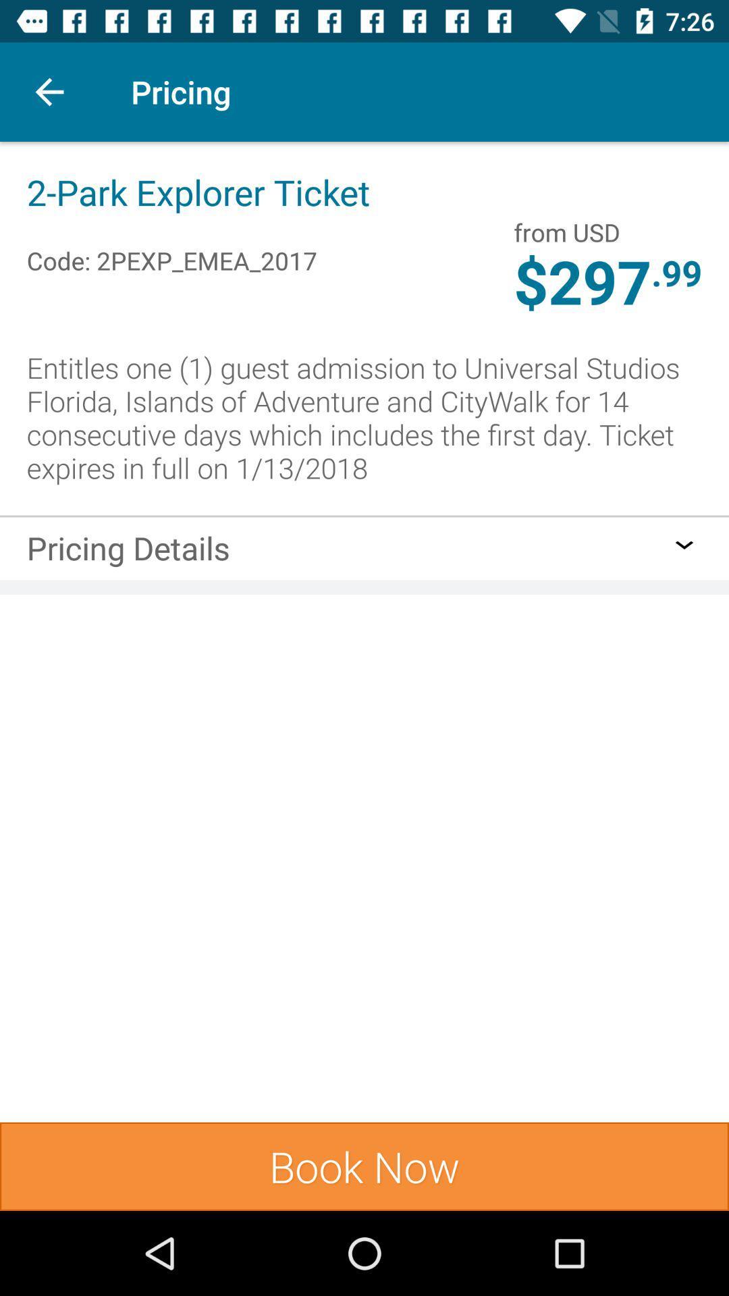  What do you see at coordinates (684, 545) in the screenshot?
I see `icon above the book now item` at bounding box center [684, 545].